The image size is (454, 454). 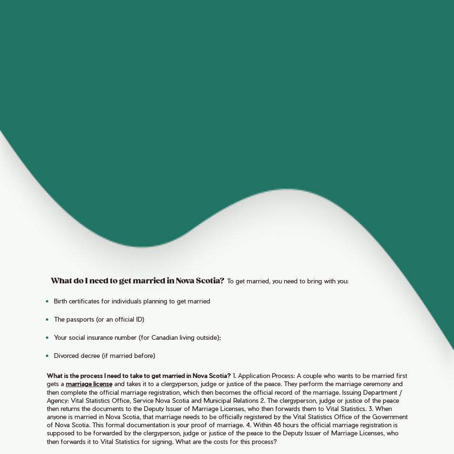 What do you see at coordinates (287, 281) in the screenshot?
I see `'To get married, you need to bring with you:'` at bounding box center [287, 281].